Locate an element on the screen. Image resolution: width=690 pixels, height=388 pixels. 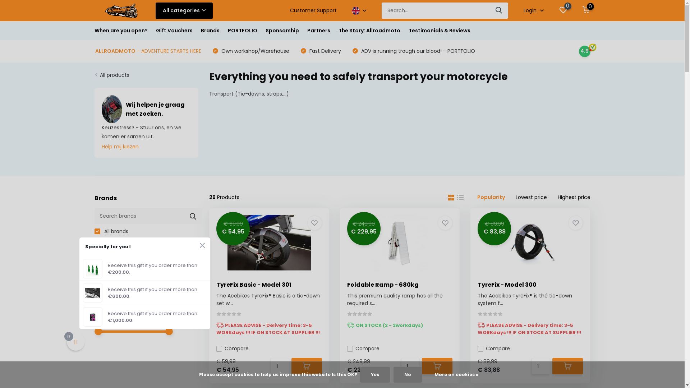
'The Story: Allroadmoto' is located at coordinates (369, 30).